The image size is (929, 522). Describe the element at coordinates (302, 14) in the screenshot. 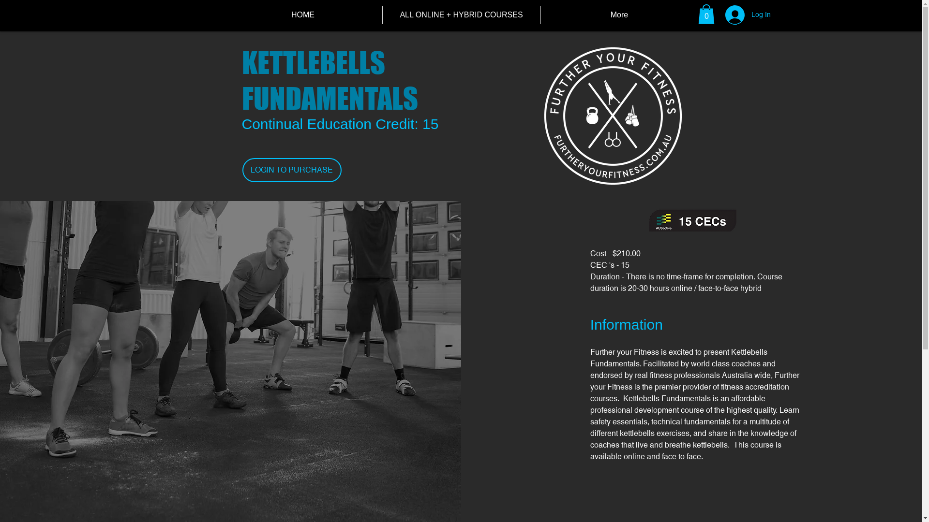

I see `'HOME'` at that location.